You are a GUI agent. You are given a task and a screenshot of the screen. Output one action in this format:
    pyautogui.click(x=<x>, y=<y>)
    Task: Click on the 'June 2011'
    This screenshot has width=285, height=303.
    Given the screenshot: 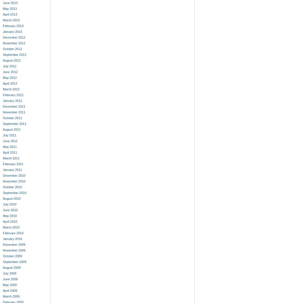 What is the action you would take?
    pyautogui.click(x=10, y=141)
    